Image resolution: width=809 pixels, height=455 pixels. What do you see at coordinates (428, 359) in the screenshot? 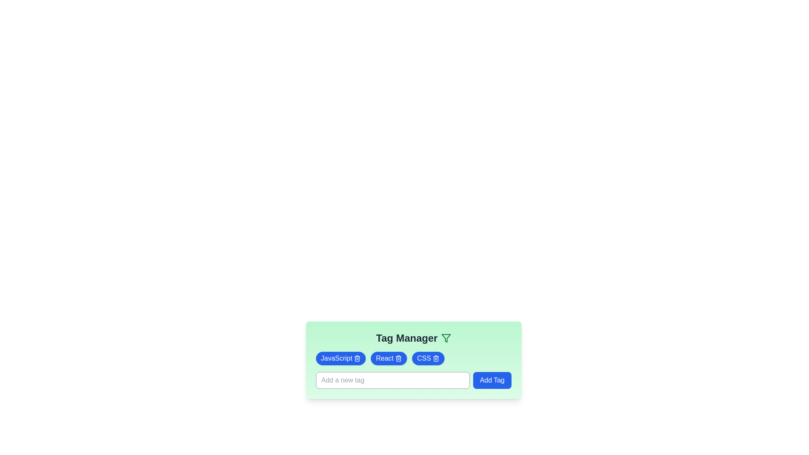
I see `the blue tag labeled 'CSS' with a trash icon, which is the third tag in the horizontal list within the 'Tag Manager' component` at bounding box center [428, 359].